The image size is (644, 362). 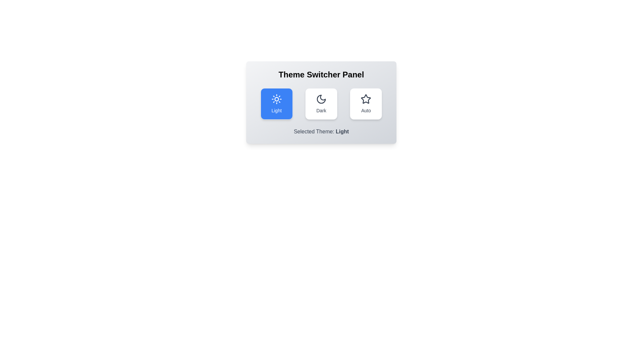 What do you see at coordinates (365, 99) in the screenshot?
I see `the star-shaped icon with a hollow center in the third button of the 'Theme Switcher Panel' under the 'Auto' label to make a selection` at bounding box center [365, 99].